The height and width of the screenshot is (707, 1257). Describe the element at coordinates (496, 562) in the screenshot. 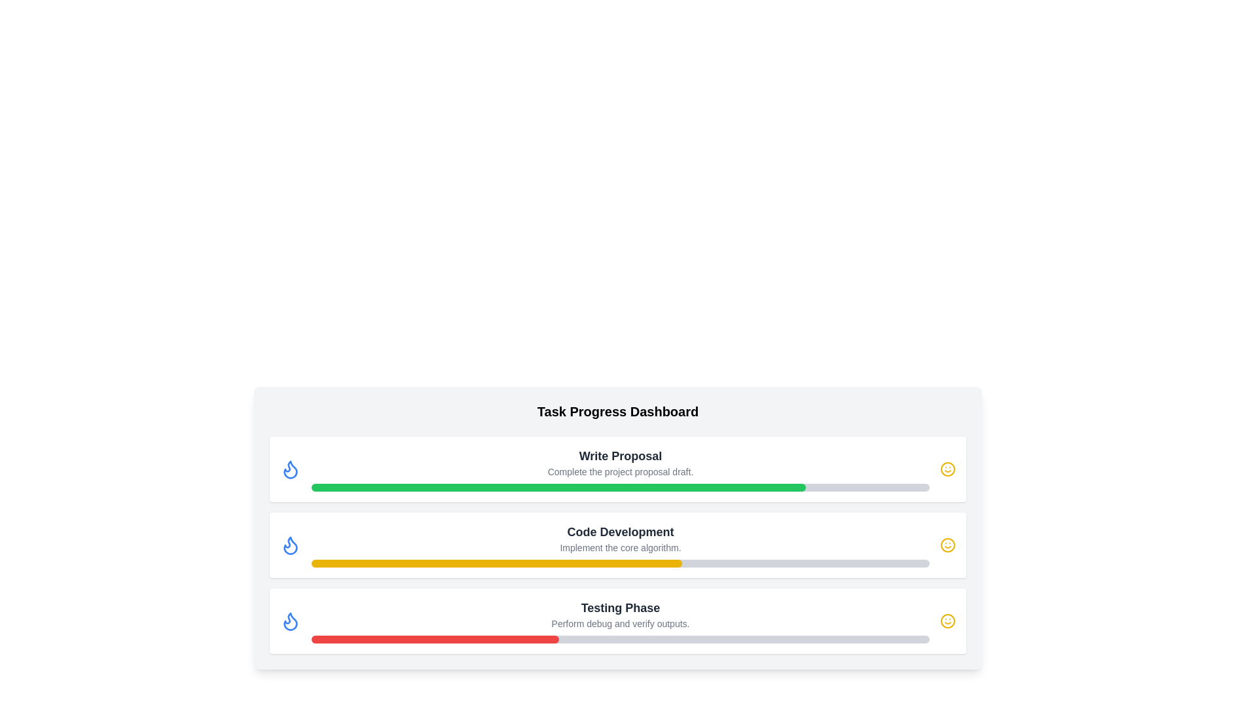

I see `the active filler part of the progress bar indicating 60% completion for the 'Code Development' task` at that location.